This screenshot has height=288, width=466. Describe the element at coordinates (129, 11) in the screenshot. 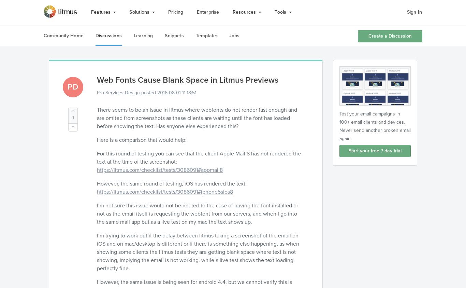

I see `'Solutions'` at that location.